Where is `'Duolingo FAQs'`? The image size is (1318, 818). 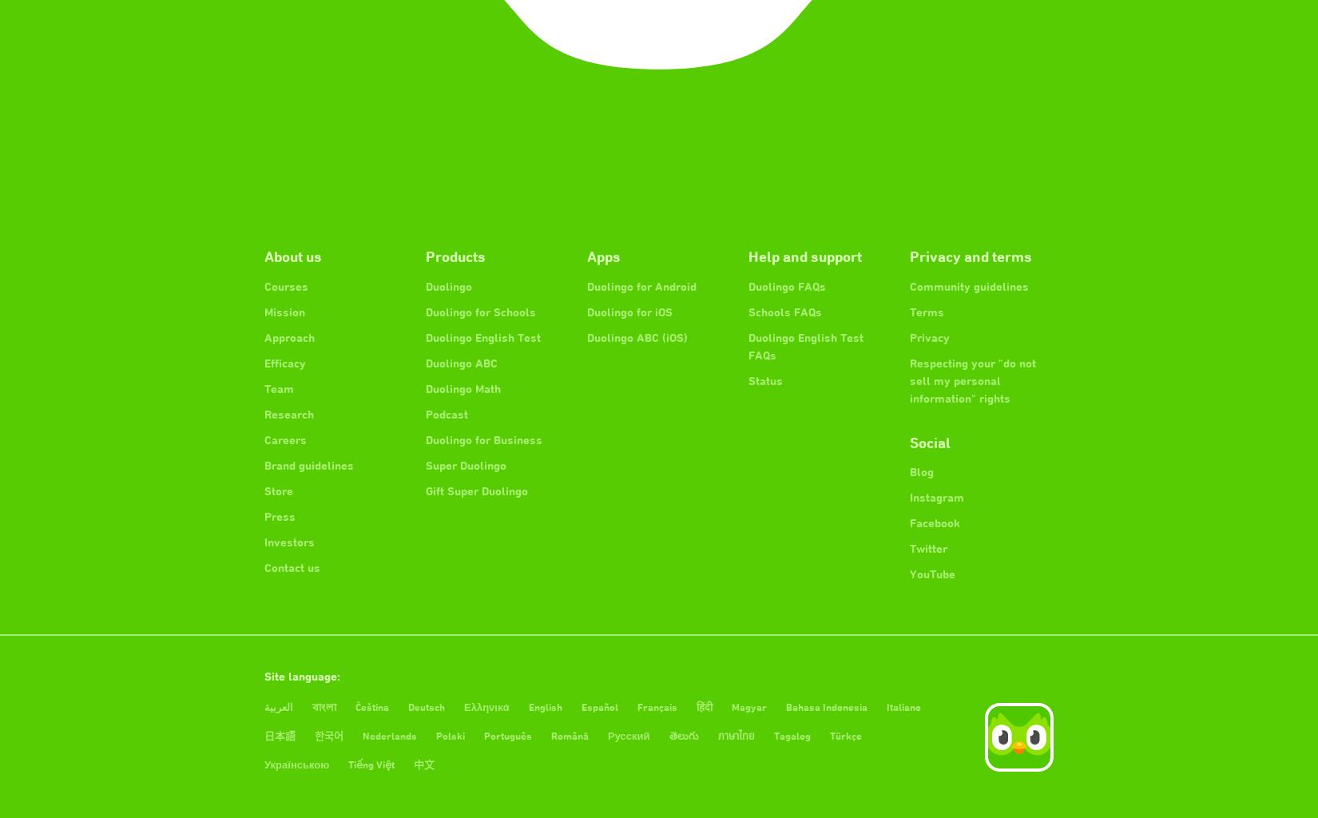
'Duolingo FAQs' is located at coordinates (787, 285).